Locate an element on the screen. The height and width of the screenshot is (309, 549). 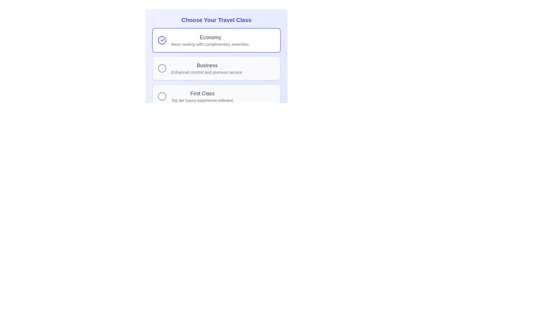
the 'Economy' travel class selection option to interact via keyboard navigation is located at coordinates (216, 40).